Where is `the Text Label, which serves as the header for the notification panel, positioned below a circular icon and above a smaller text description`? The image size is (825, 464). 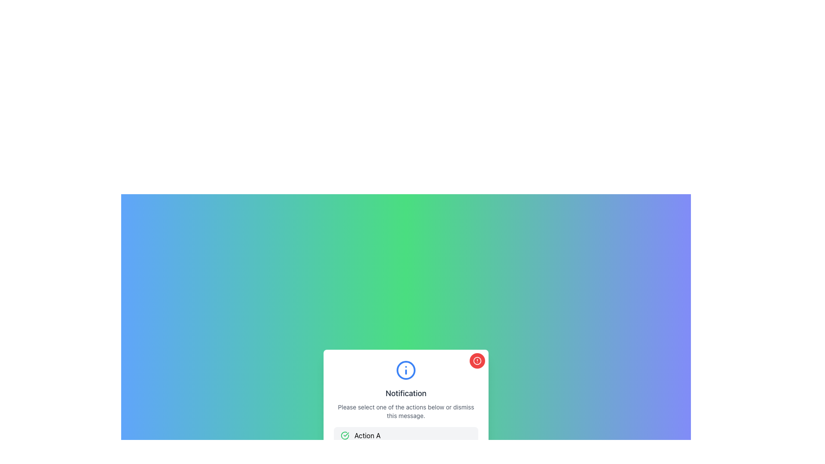
the Text Label, which serves as the header for the notification panel, positioned below a circular icon and above a smaller text description is located at coordinates (406, 393).